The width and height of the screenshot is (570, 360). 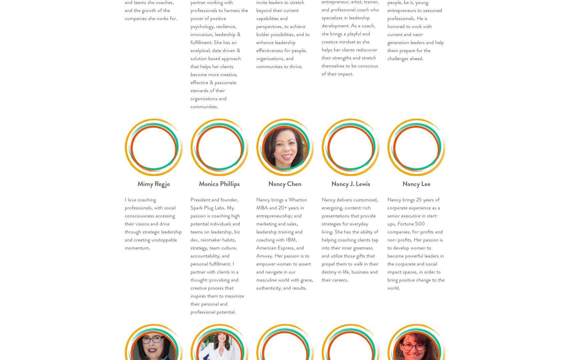 I want to click on 'Nancy J. Lewis', so click(x=331, y=183).